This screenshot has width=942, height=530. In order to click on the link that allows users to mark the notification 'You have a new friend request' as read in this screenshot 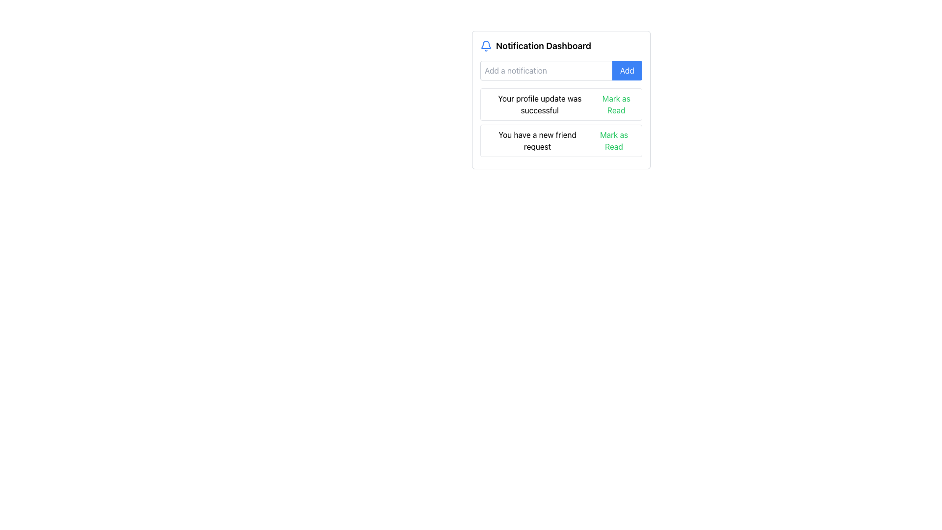, I will do `click(613, 140)`.